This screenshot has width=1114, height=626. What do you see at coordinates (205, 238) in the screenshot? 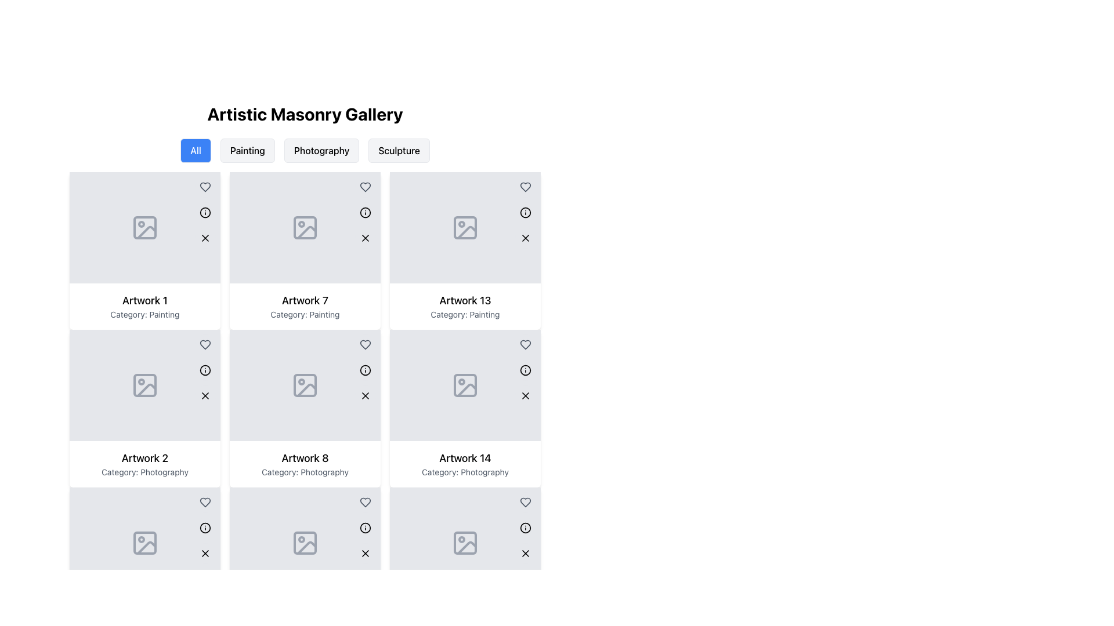
I see `the close or delete icon located at the top-right corner of the artwork card labeled 'Artwork 1'` at bounding box center [205, 238].